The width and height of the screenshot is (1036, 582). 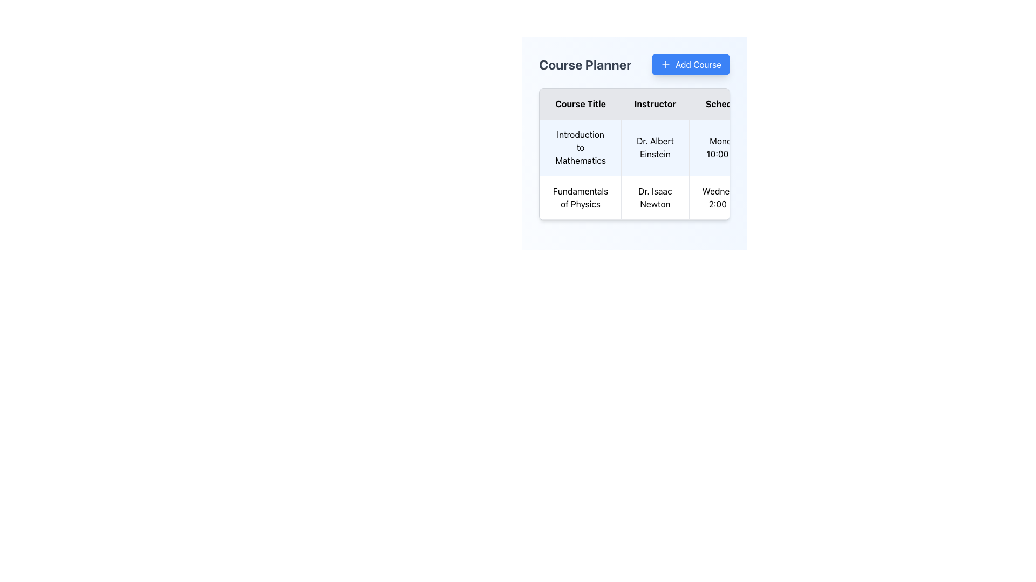 What do you see at coordinates (655, 197) in the screenshot?
I see `the Text label displaying the instructor's name for the 'Fundamentals of Physics' course, located in the second row under the 'Instructor' column` at bounding box center [655, 197].